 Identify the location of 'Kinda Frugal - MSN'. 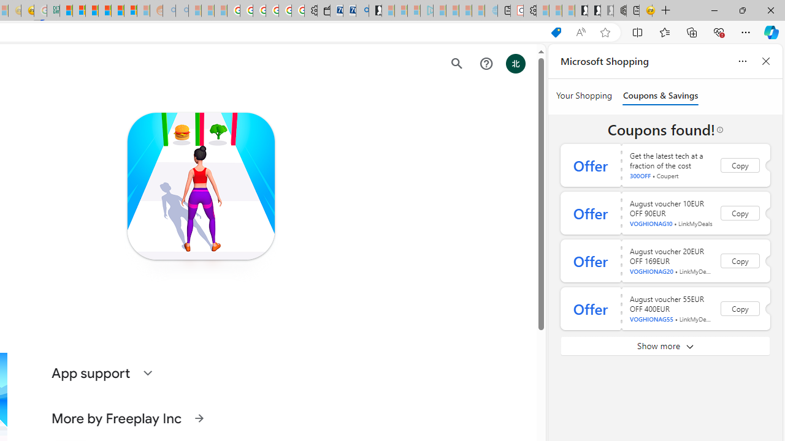
(118, 10).